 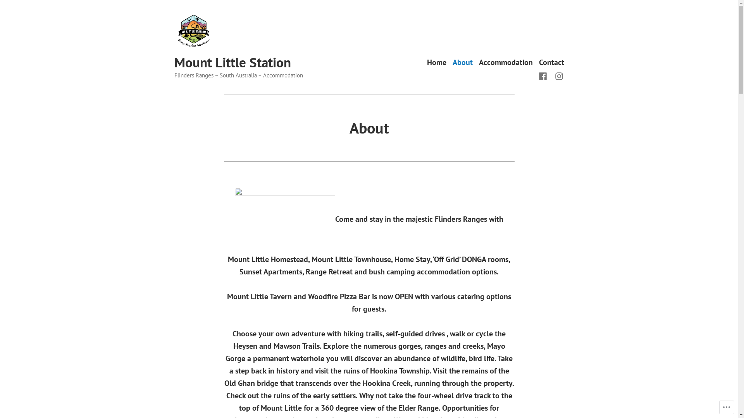 What do you see at coordinates (463, 62) in the screenshot?
I see `'About'` at bounding box center [463, 62].